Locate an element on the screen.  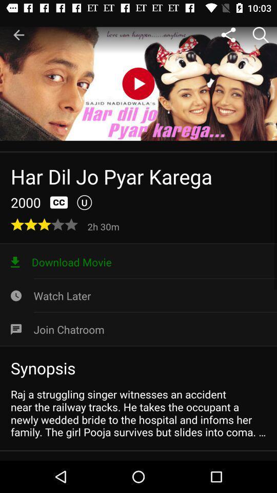
icon below download movie icon is located at coordinates (138, 296).